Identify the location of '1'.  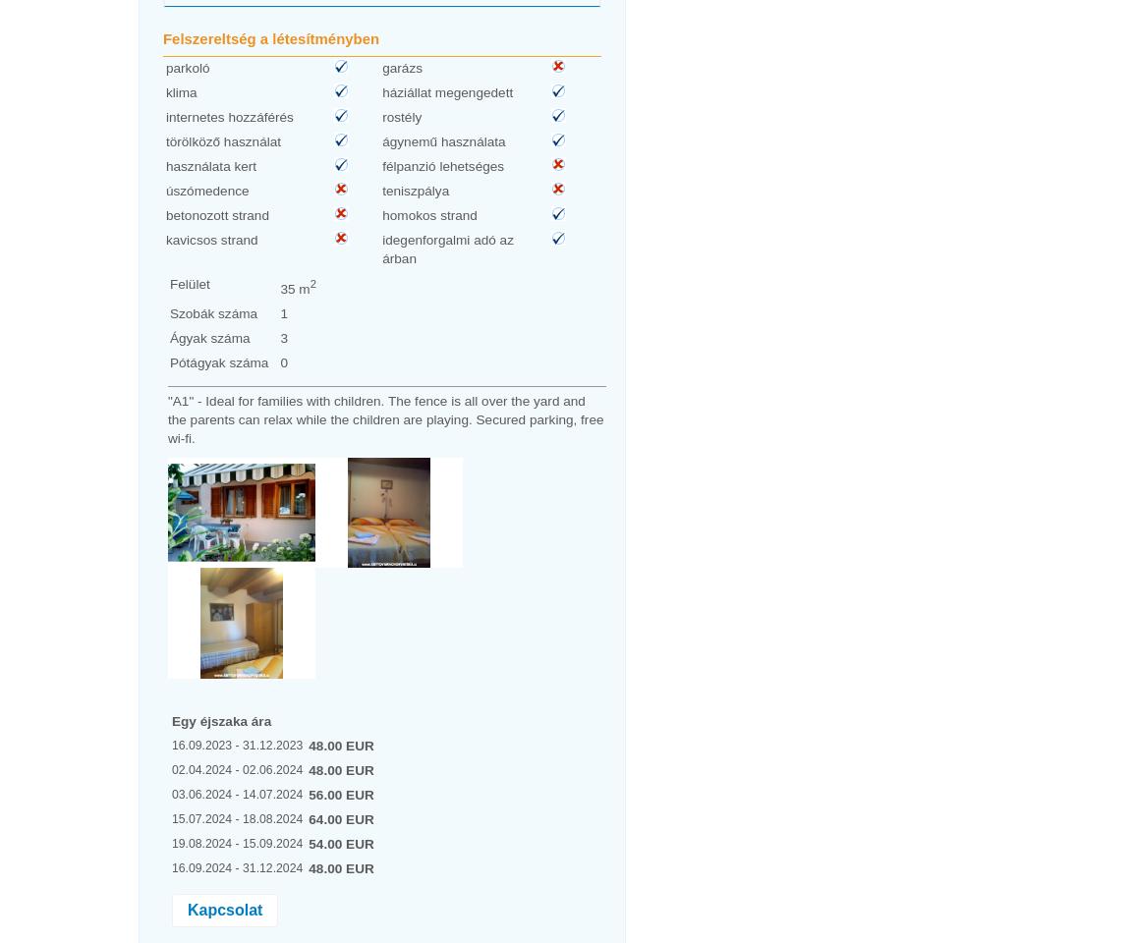
(283, 312).